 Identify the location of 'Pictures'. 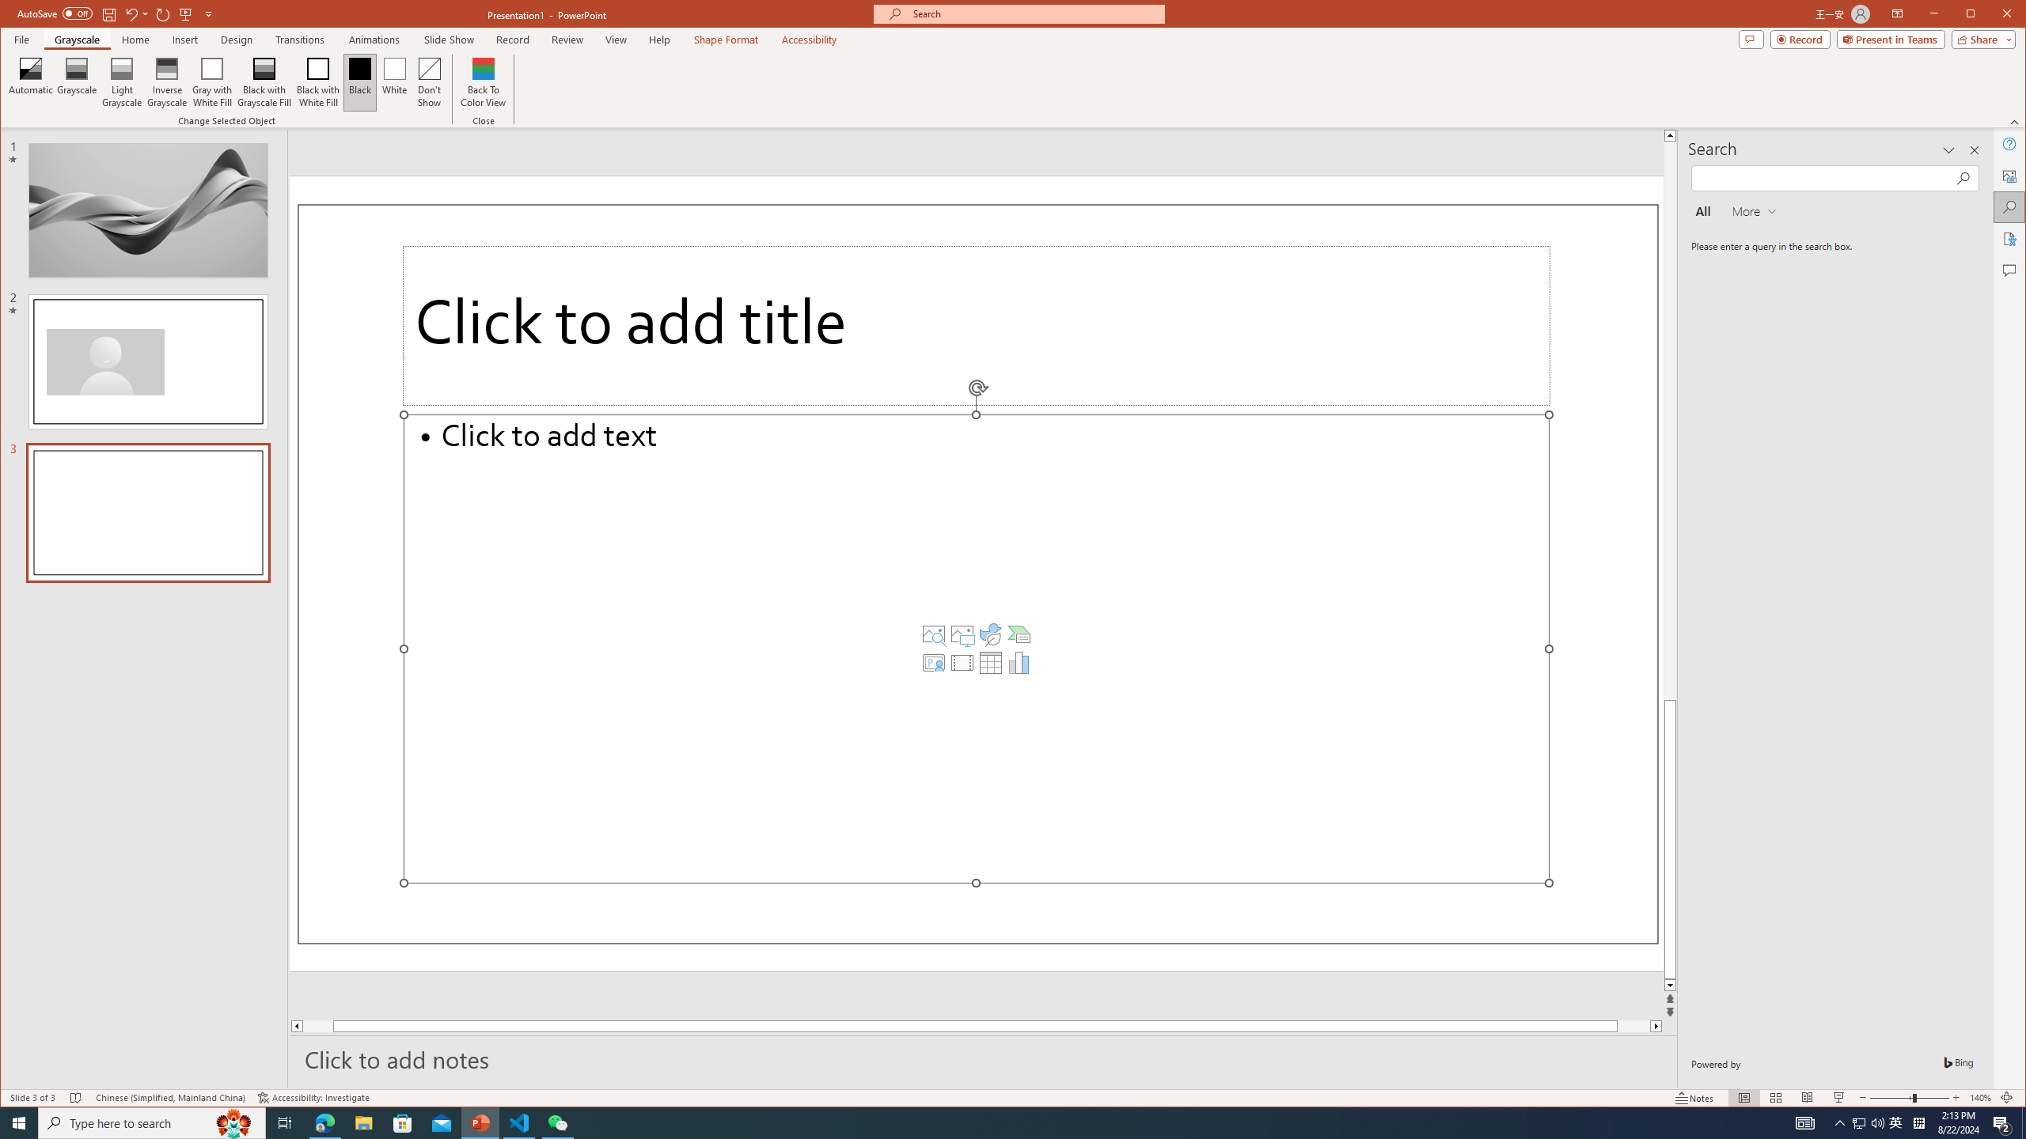
(962, 634).